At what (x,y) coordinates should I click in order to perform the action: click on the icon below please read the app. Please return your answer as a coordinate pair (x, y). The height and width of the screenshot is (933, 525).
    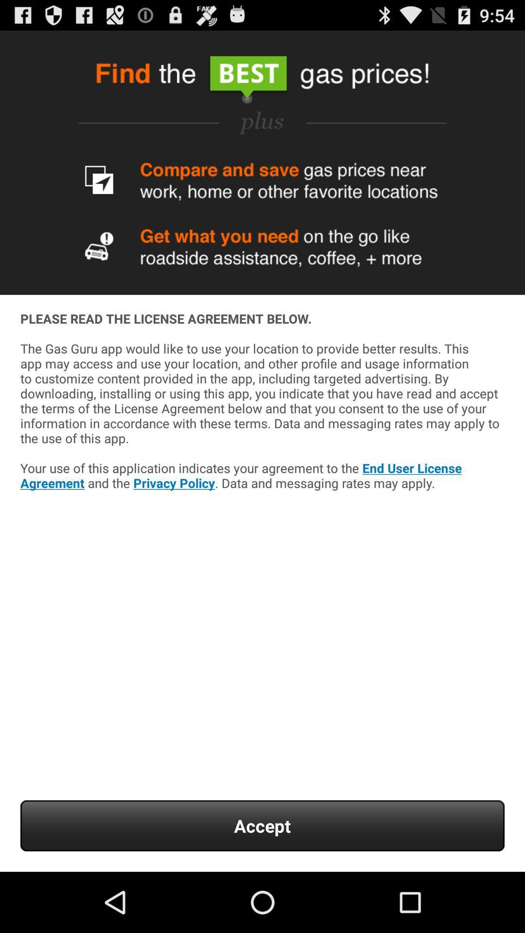
    Looking at the image, I should click on (262, 825).